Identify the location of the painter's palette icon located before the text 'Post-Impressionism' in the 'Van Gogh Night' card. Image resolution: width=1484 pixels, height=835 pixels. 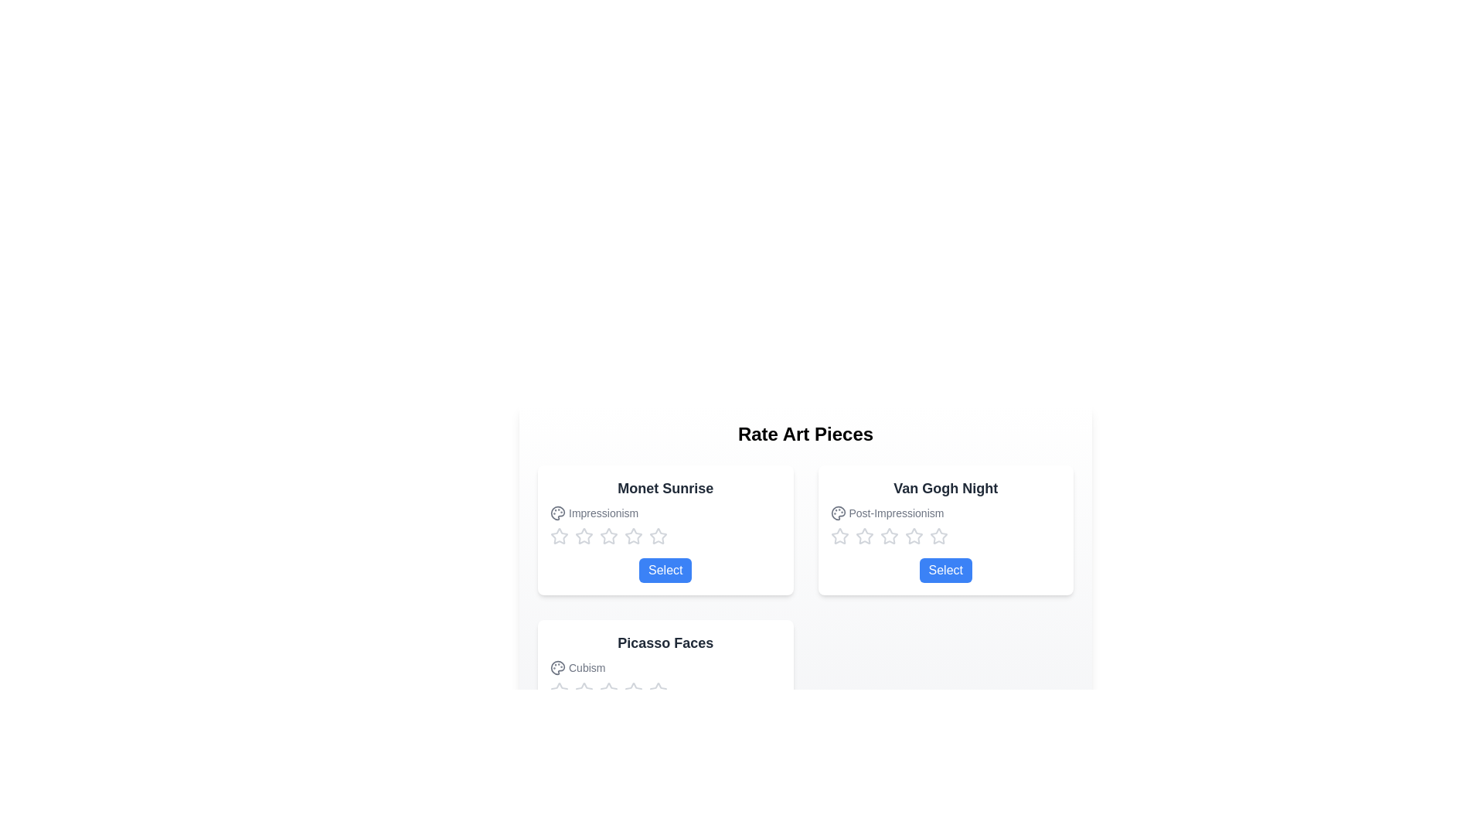
(837, 513).